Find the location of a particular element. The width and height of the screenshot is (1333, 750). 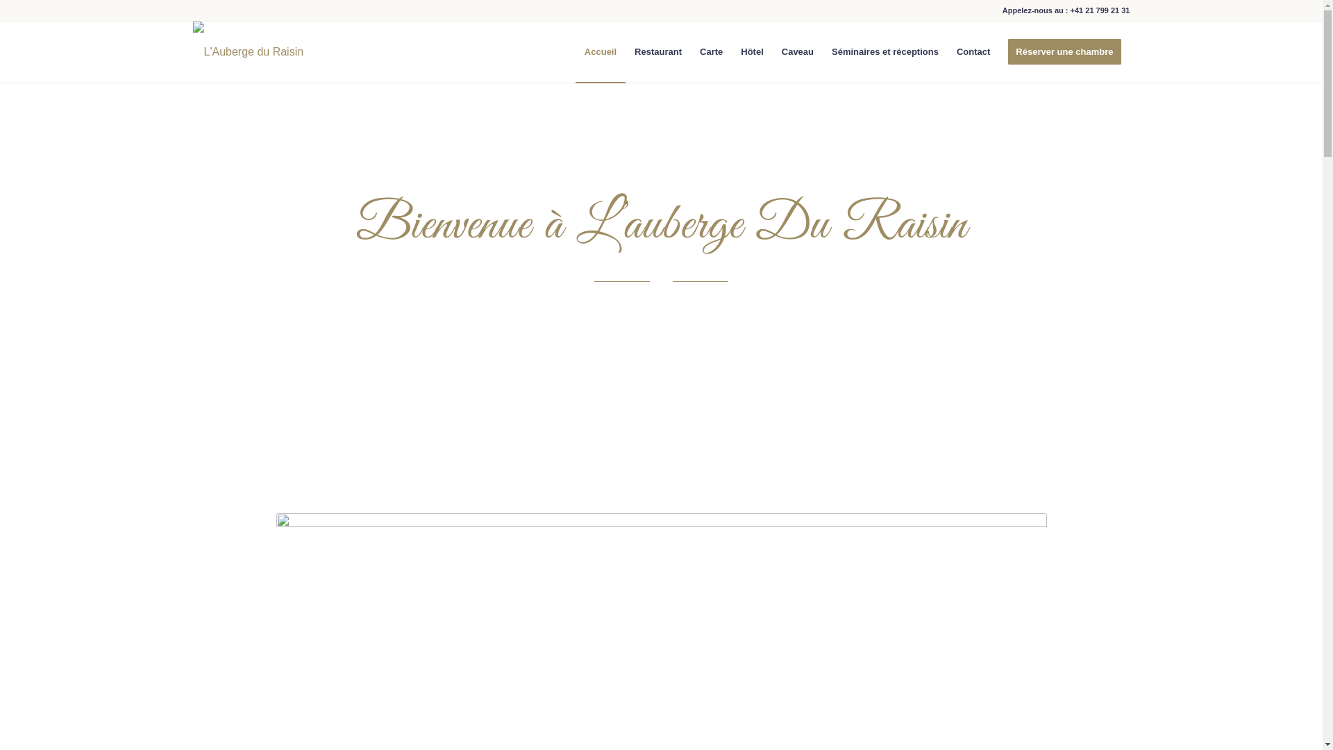

'Carte' is located at coordinates (690, 51).